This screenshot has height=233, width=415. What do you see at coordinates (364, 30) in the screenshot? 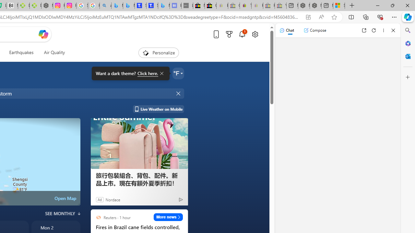
I see `'Open link in new tab'` at bounding box center [364, 30].